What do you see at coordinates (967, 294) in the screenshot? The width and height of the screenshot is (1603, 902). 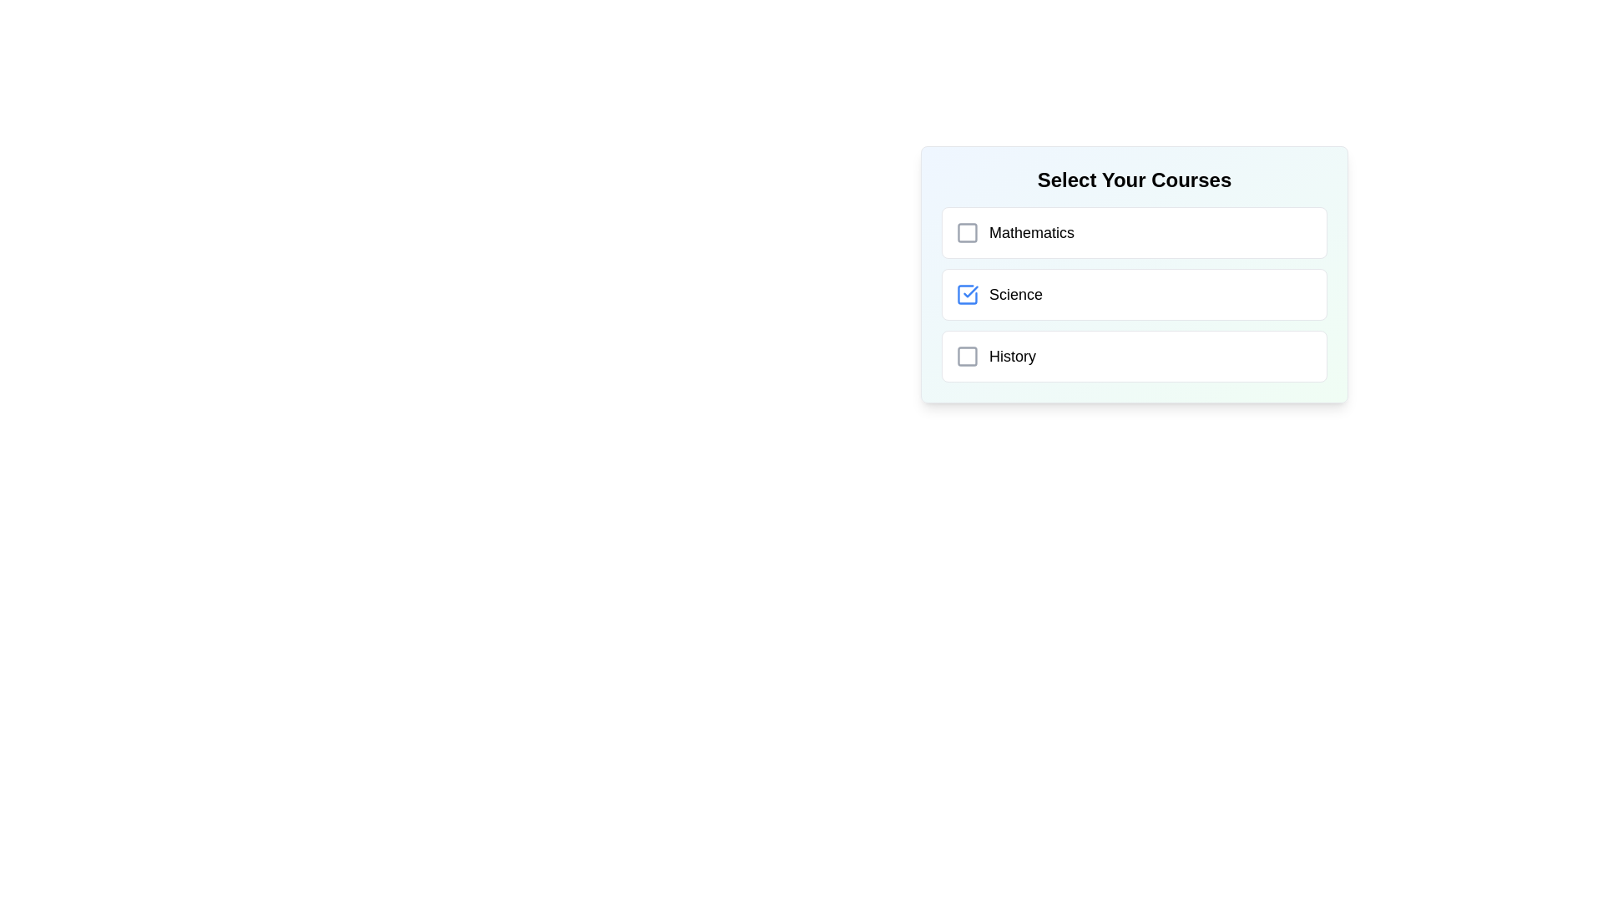 I see `the checkbox for the 'Science' option in the 'Select Your Courses' menu, which is the second item in the list` at bounding box center [967, 294].